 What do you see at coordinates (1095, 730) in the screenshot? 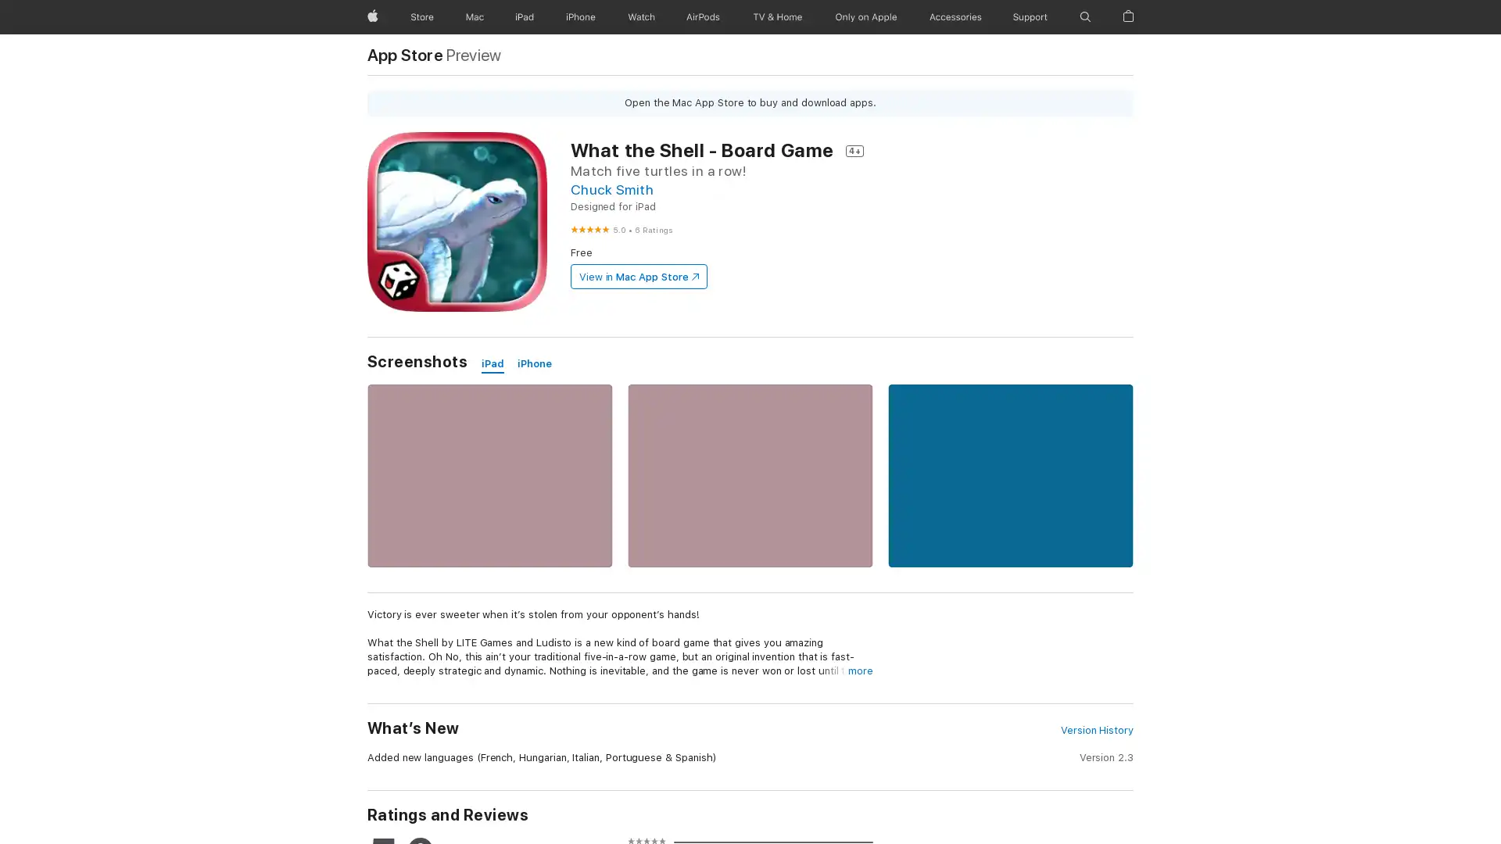
I see `Version History` at bounding box center [1095, 730].